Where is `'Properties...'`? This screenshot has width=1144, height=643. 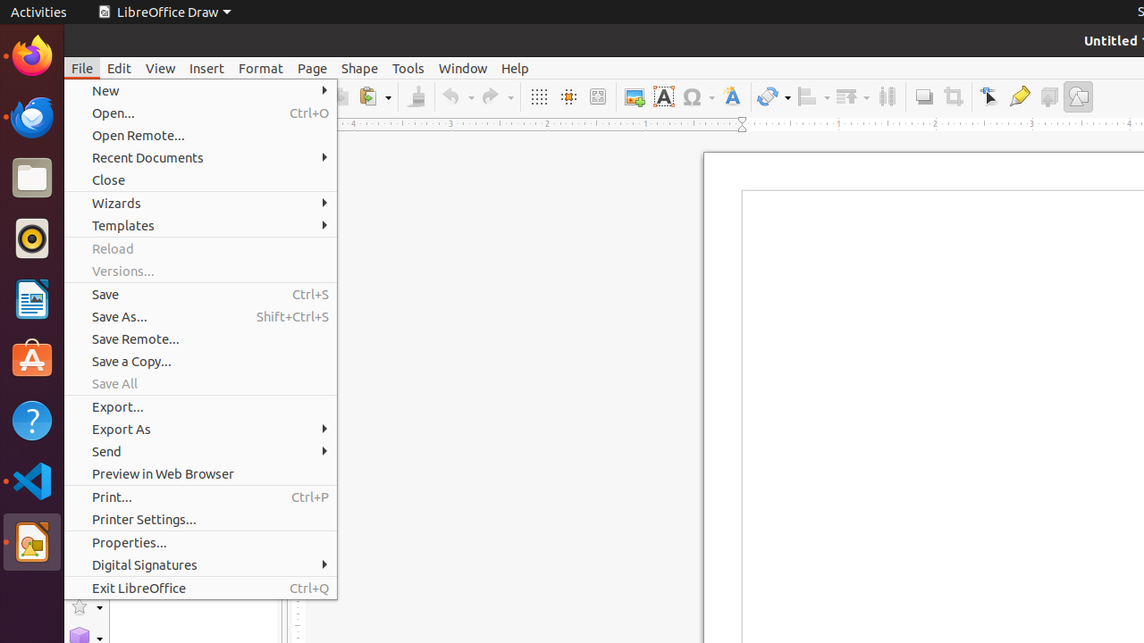 'Properties...' is located at coordinates (200, 541).